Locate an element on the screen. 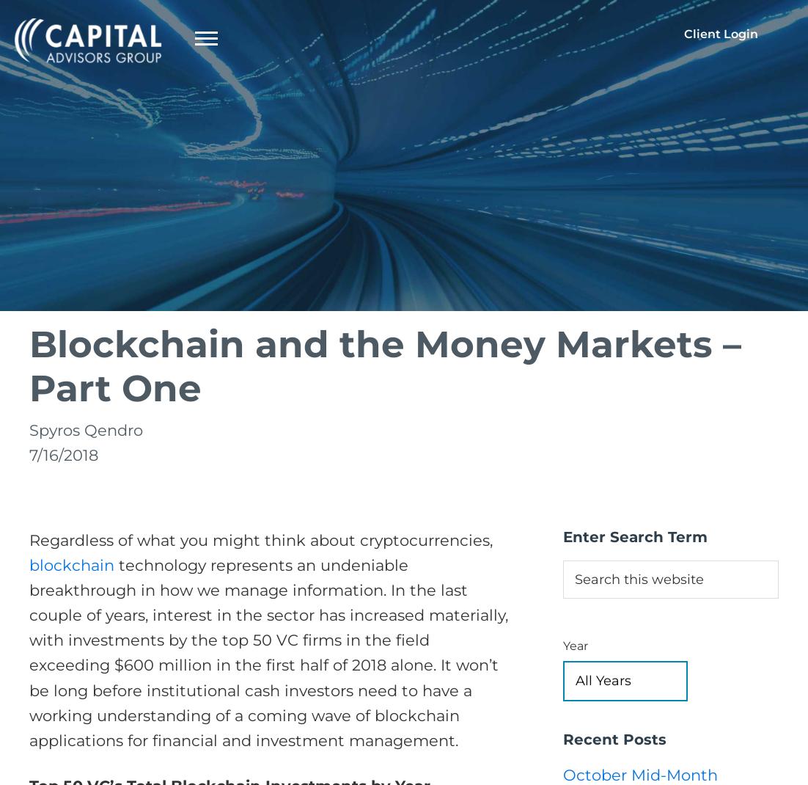 The height and width of the screenshot is (785, 808). 'Recent Posts' is located at coordinates (614, 738).